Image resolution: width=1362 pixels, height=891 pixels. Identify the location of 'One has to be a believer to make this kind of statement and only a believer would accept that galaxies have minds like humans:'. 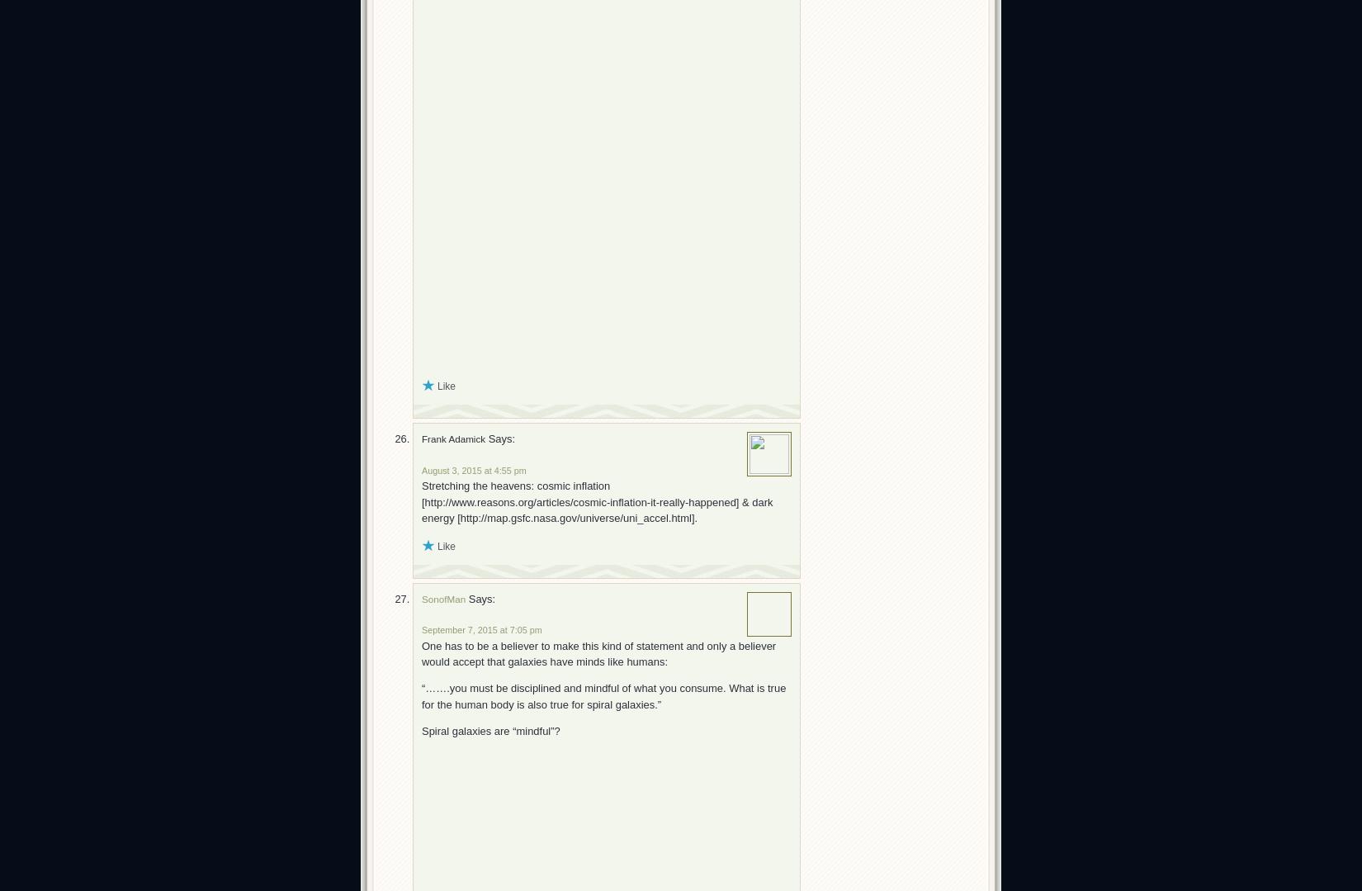
(598, 652).